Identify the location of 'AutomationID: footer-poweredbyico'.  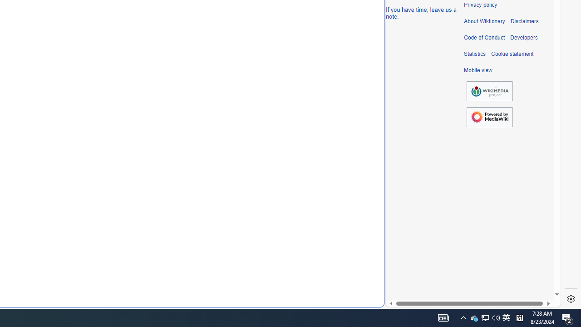
(489, 117).